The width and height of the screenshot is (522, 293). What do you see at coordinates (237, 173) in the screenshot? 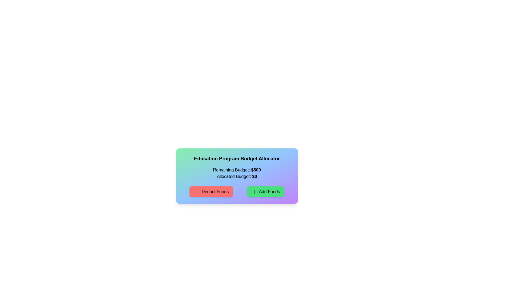
I see `the Informational Text Display that shows 'Remaining Budget: $500' and 'Allocated Budget: $0', which is styled in bold and centered below the title 'Education Program Budget Allocator'` at bounding box center [237, 173].